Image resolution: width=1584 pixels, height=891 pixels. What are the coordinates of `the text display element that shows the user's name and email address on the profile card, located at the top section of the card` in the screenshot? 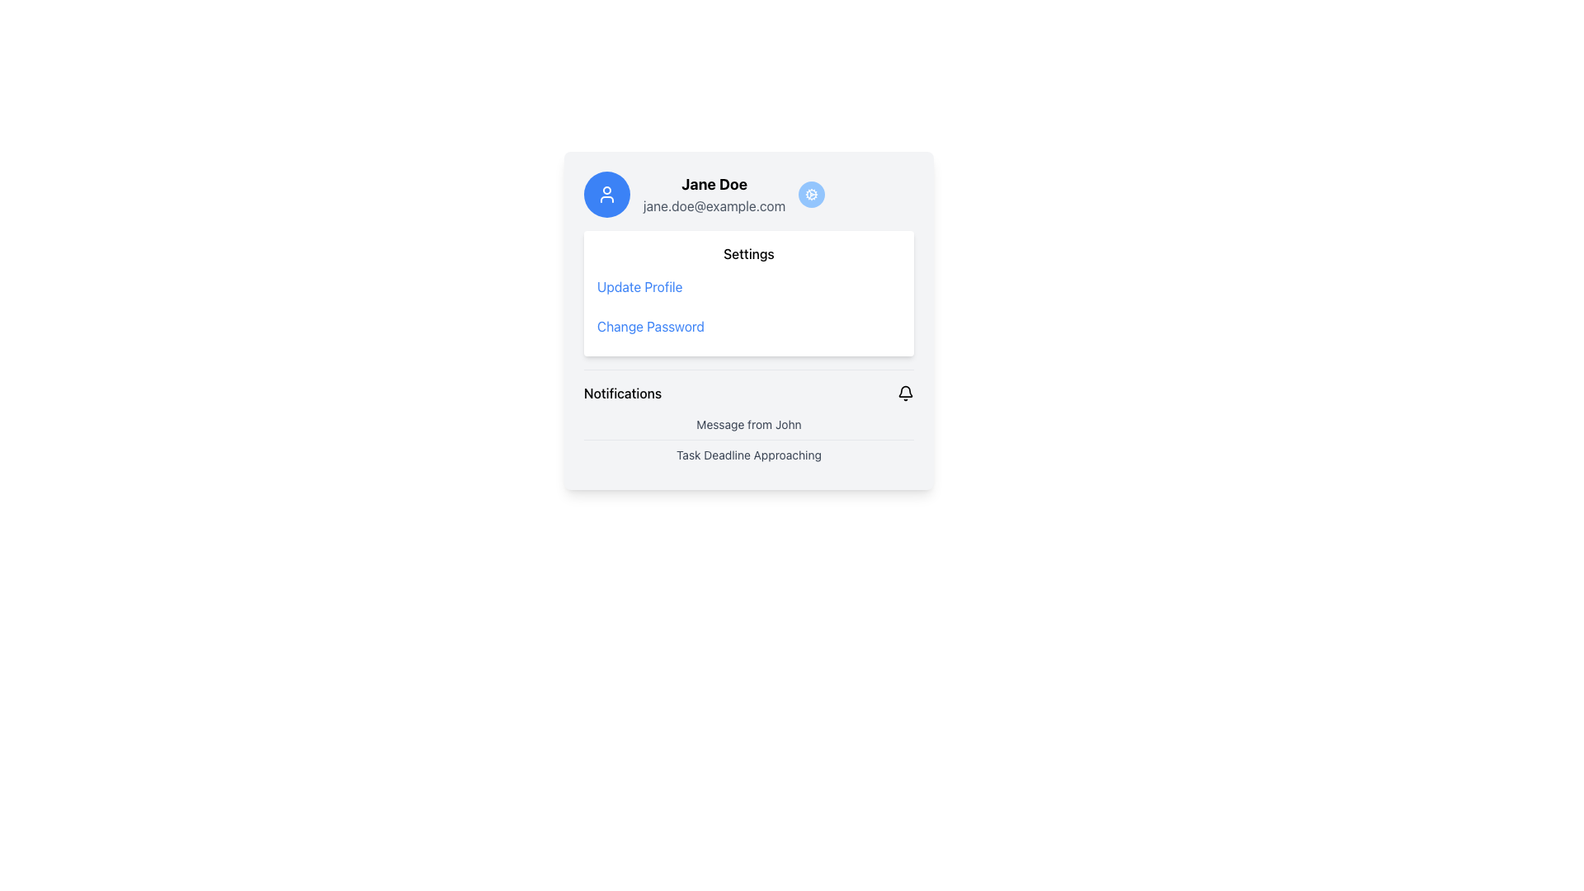 It's located at (714, 193).